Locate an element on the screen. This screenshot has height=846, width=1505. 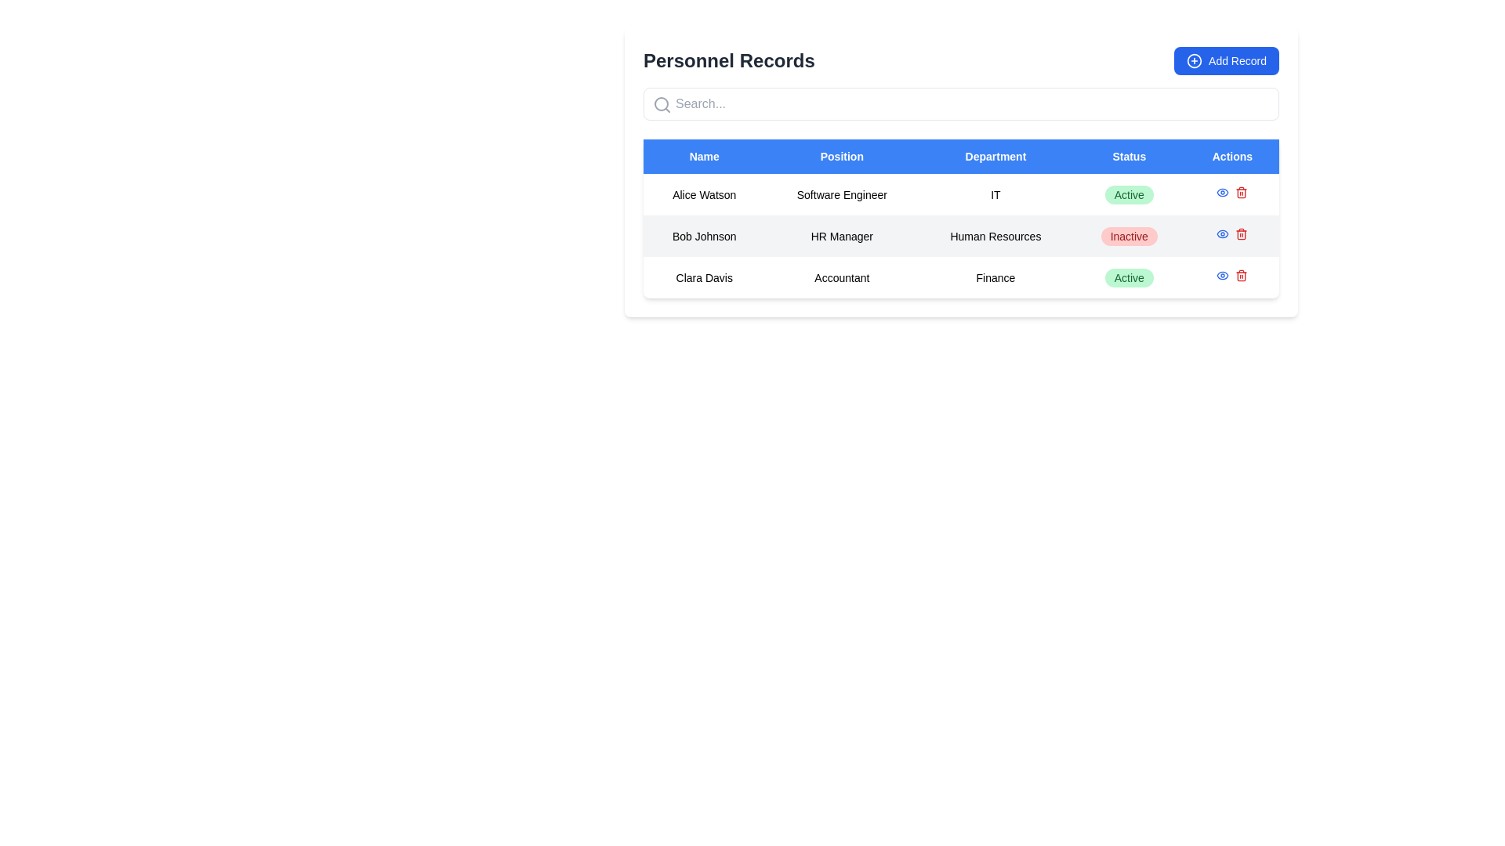
the 'Software Engineer' text label, which is displayed in bold and centered style in the second column of the first row under the 'Position' header in a table is located at coordinates (841, 193).